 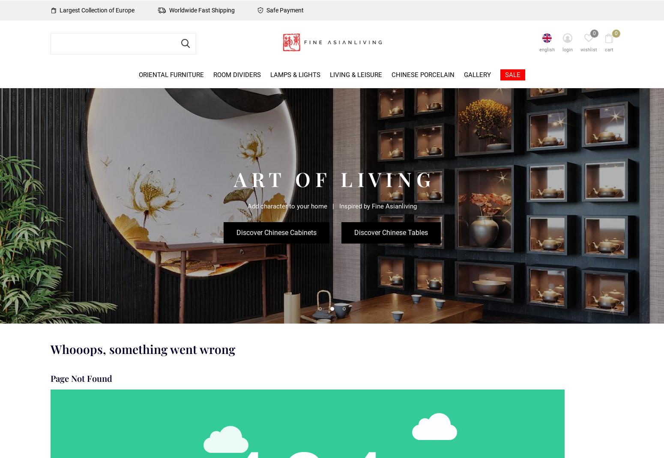 I want to click on 'cart', so click(x=608, y=50).